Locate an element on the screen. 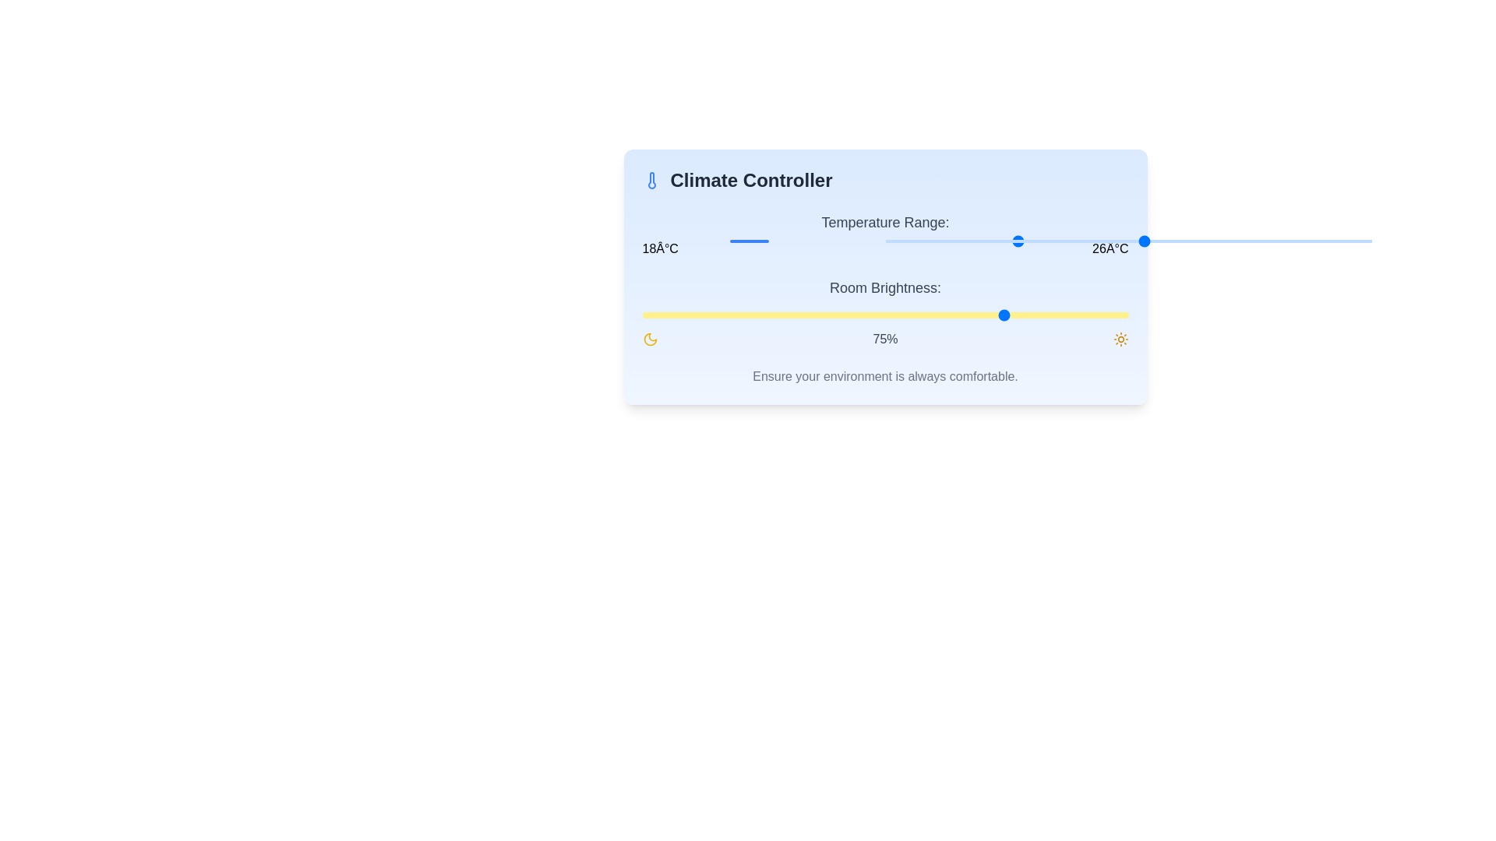  the room brightness is located at coordinates (657, 315).